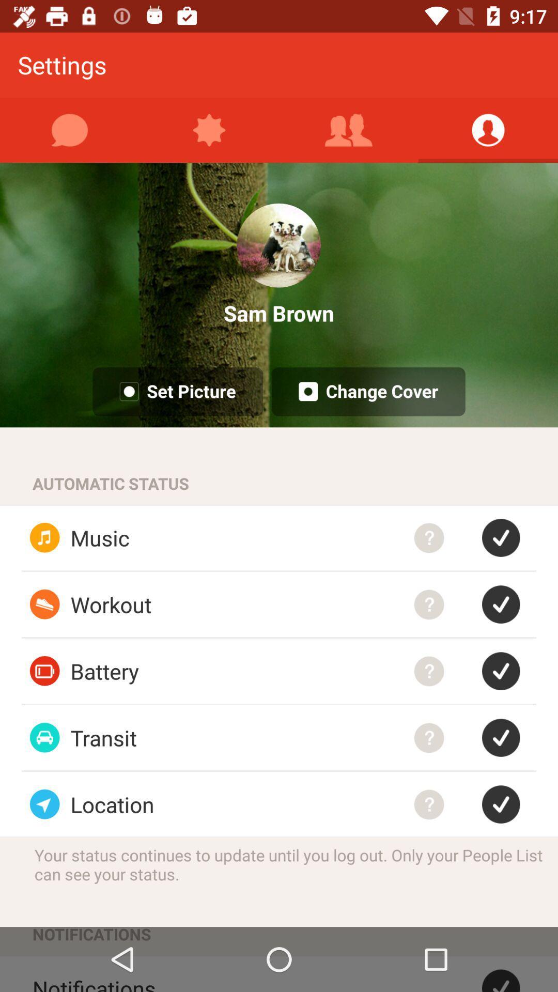 The image size is (558, 992). I want to click on change cover button on a page, so click(368, 391).